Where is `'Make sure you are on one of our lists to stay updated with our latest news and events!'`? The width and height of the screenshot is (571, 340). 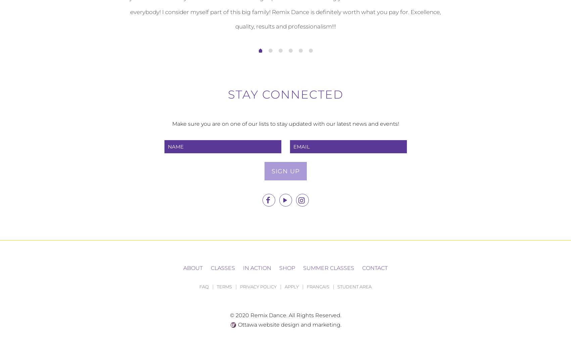 'Make sure you are on one of our lists to stay updated with our latest news and events!' is located at coordinates (285, 123).